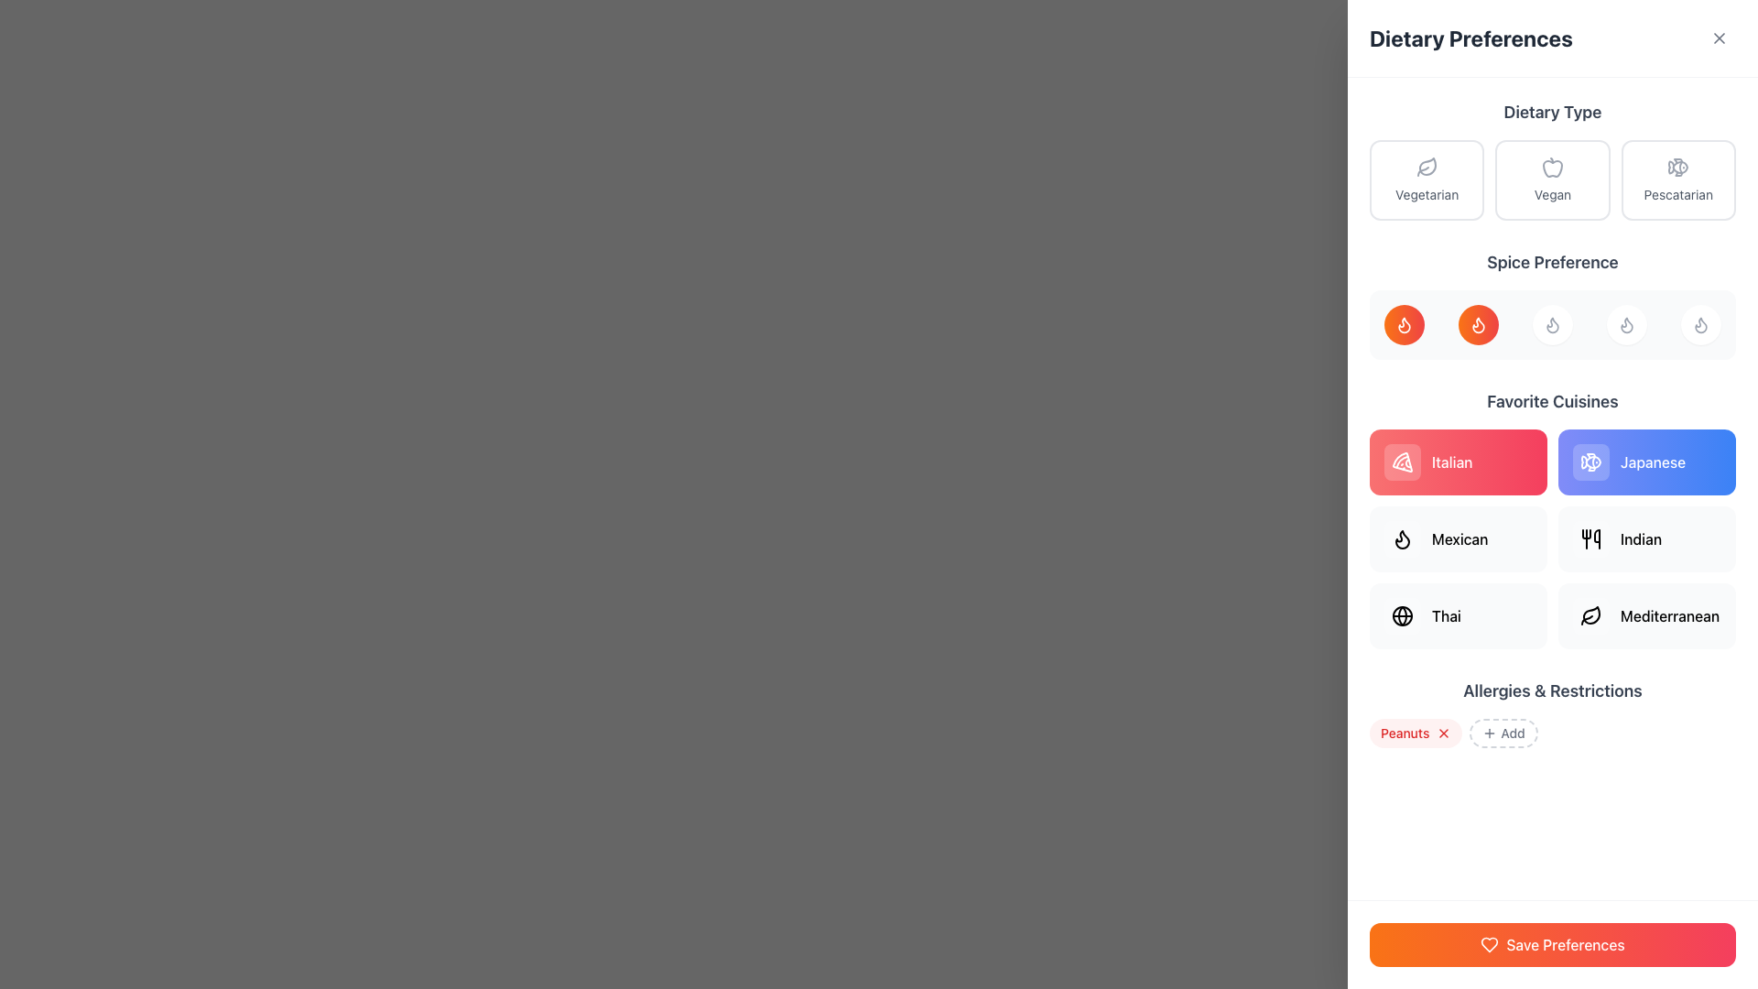  I want to click on the spice level icon button representing a moderate spice preference in the Dietary Preferences interface, so click(1478, 323).